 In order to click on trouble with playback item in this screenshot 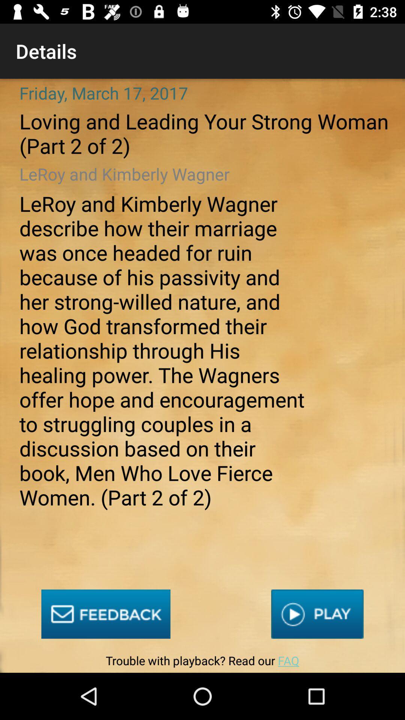, I will do `click(202, 662)`.